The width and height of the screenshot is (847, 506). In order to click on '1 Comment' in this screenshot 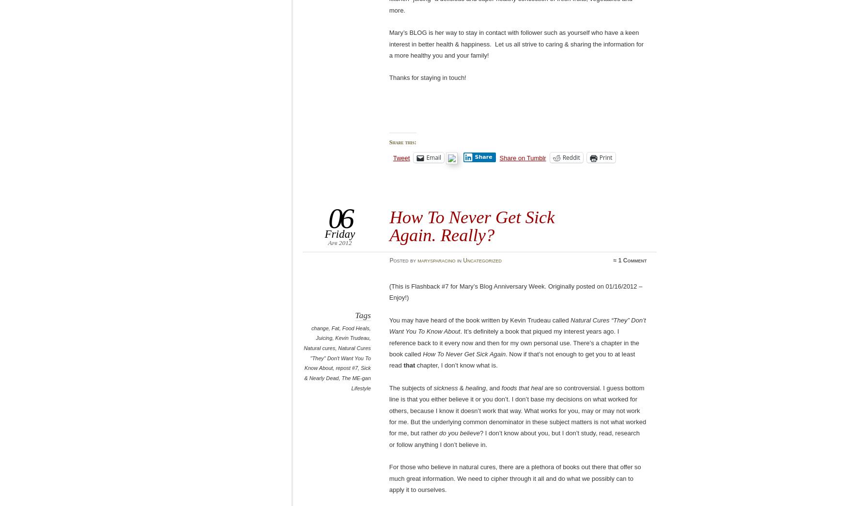, I will do `click(617, 260)`.